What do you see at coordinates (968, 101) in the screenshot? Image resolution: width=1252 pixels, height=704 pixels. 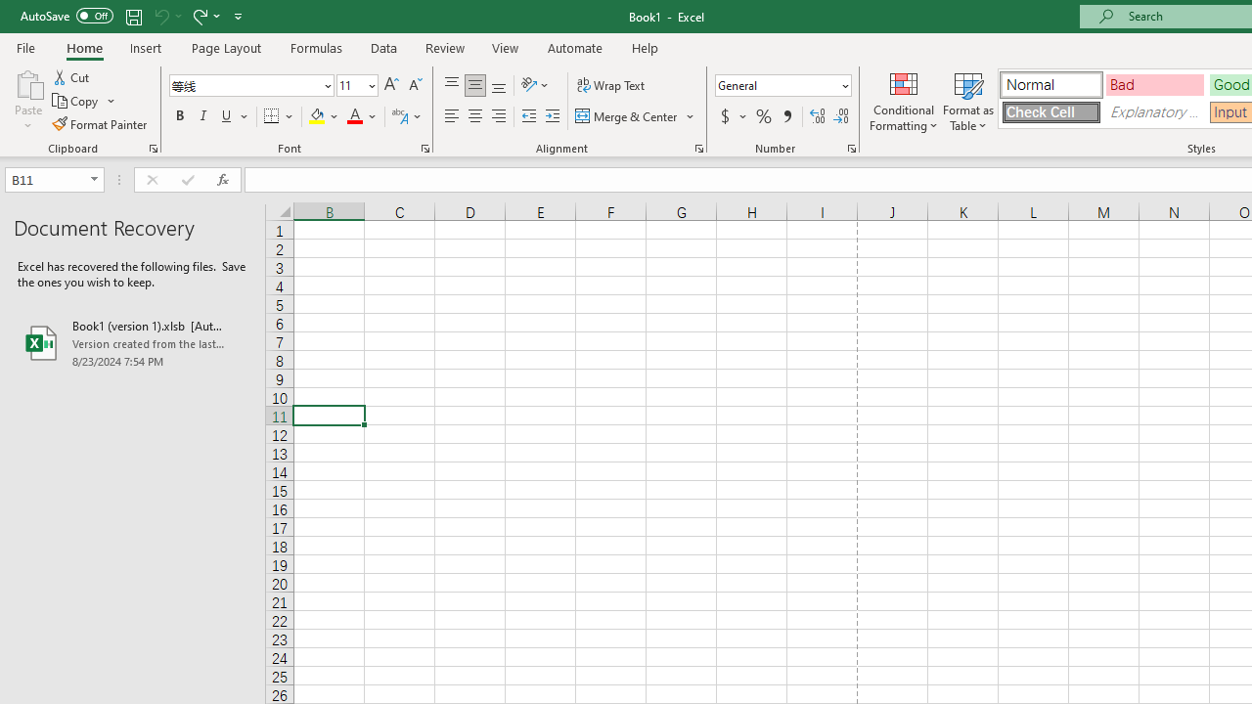 I see `'Format as Table'` at bounding box center [968, 101].